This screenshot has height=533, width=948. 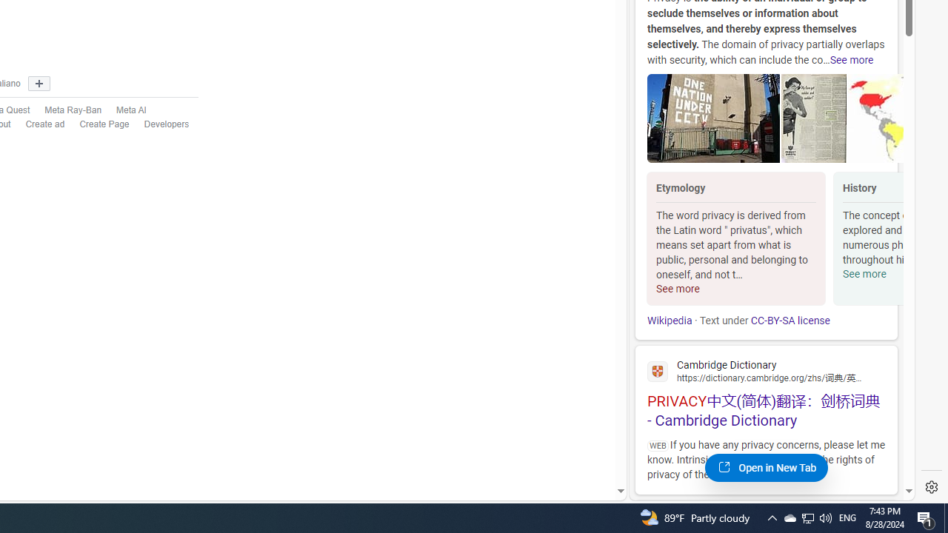 What do you see at coordinates (131, 110) in the screenshot?
I see `'Meta AI'` at bounding box center [131, 110].